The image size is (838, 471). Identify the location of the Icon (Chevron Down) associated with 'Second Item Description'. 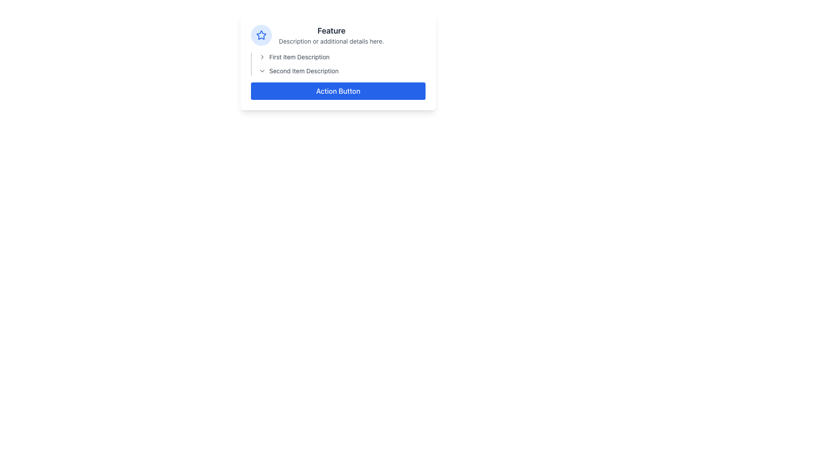
(261, 70).